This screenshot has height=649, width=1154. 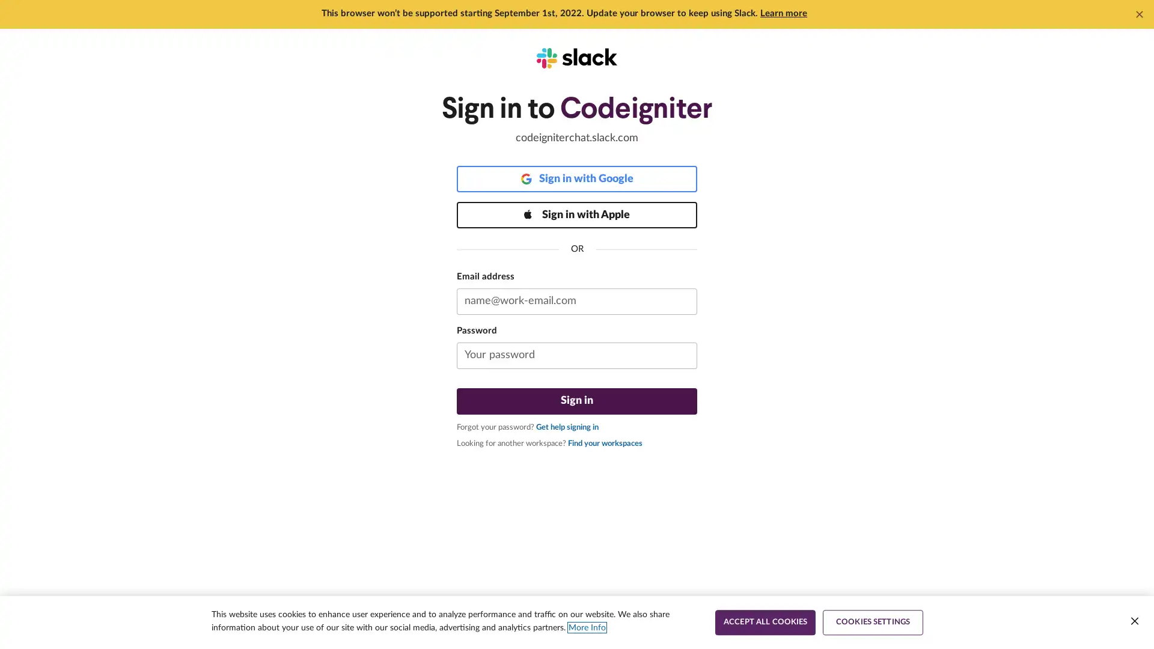 What do you see at coordinates (1139, 14) in the screenshot?
I see `Dismiss` at bounding box center [1139, 14].